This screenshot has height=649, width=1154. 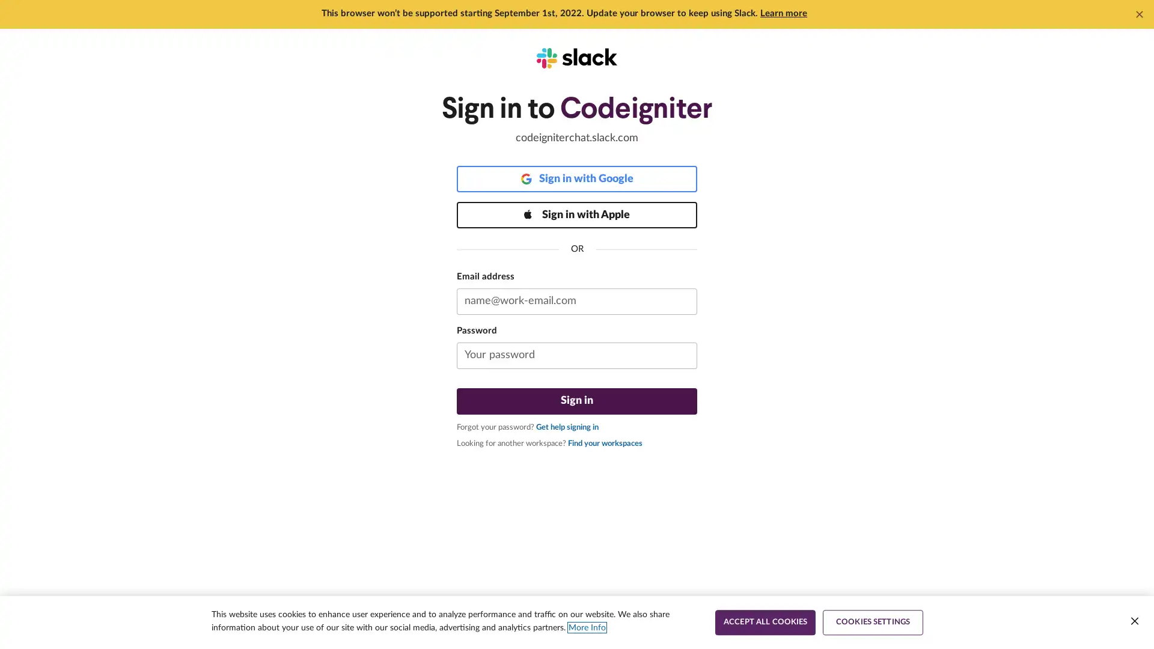 What do you see at coordinates (1139, 14) in the screenshot?
I see `Dismiss` at bounding box center [1139, 14].